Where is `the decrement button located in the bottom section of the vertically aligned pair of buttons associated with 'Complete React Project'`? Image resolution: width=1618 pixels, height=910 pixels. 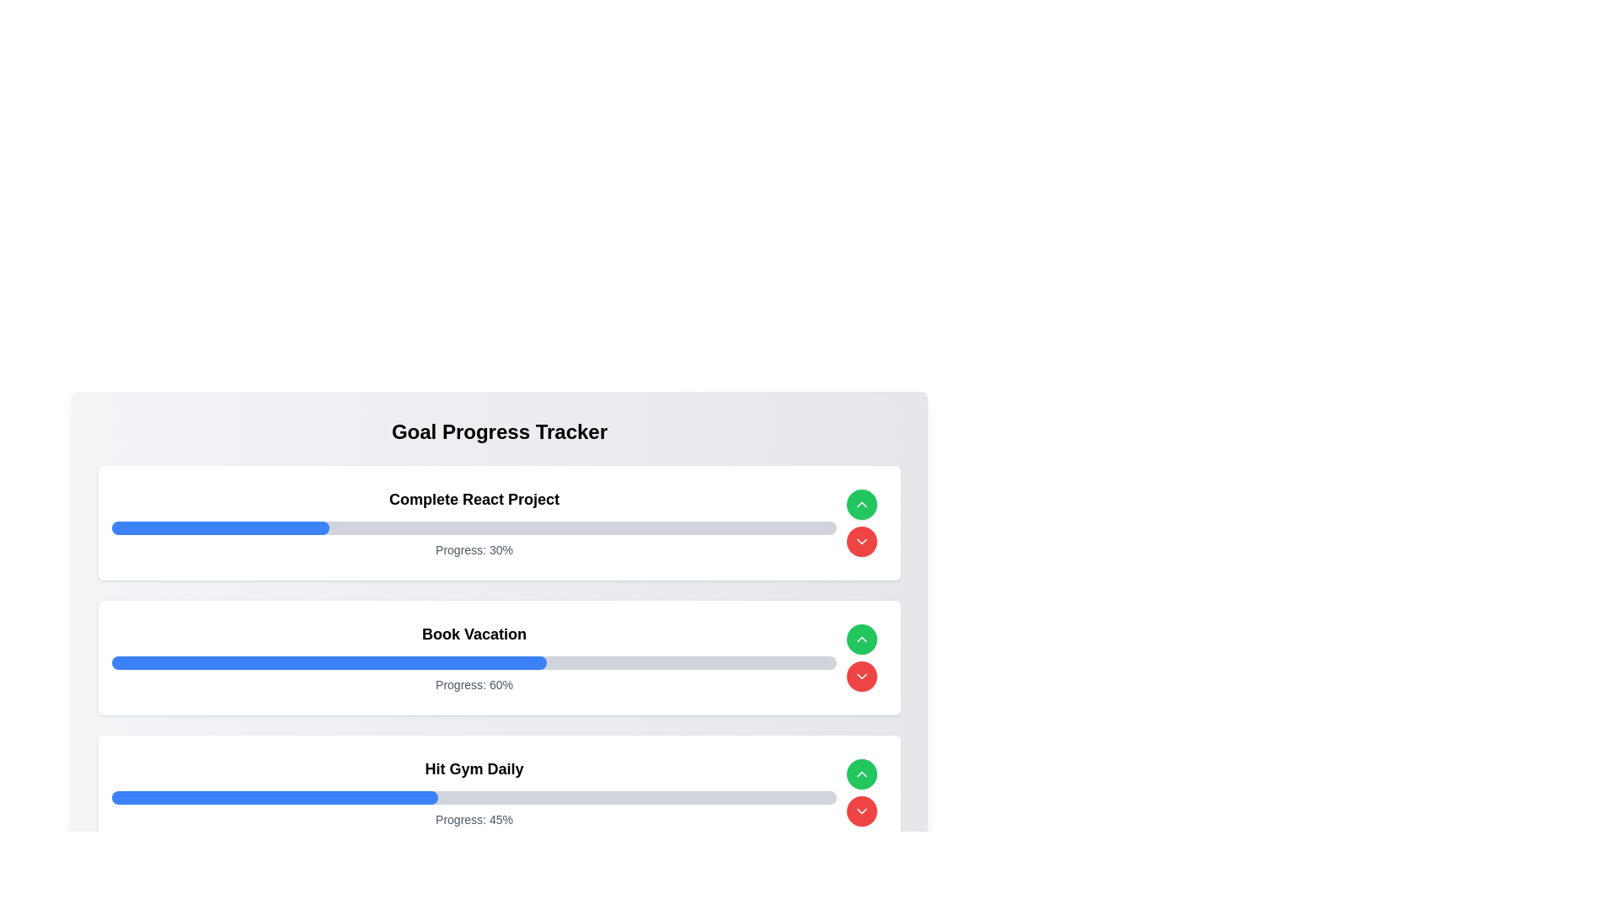
the decrement button located in the bottom section of the vertically aligned pair of buttons associated with 'Complete React Project' is located at coordinates (861, 542).